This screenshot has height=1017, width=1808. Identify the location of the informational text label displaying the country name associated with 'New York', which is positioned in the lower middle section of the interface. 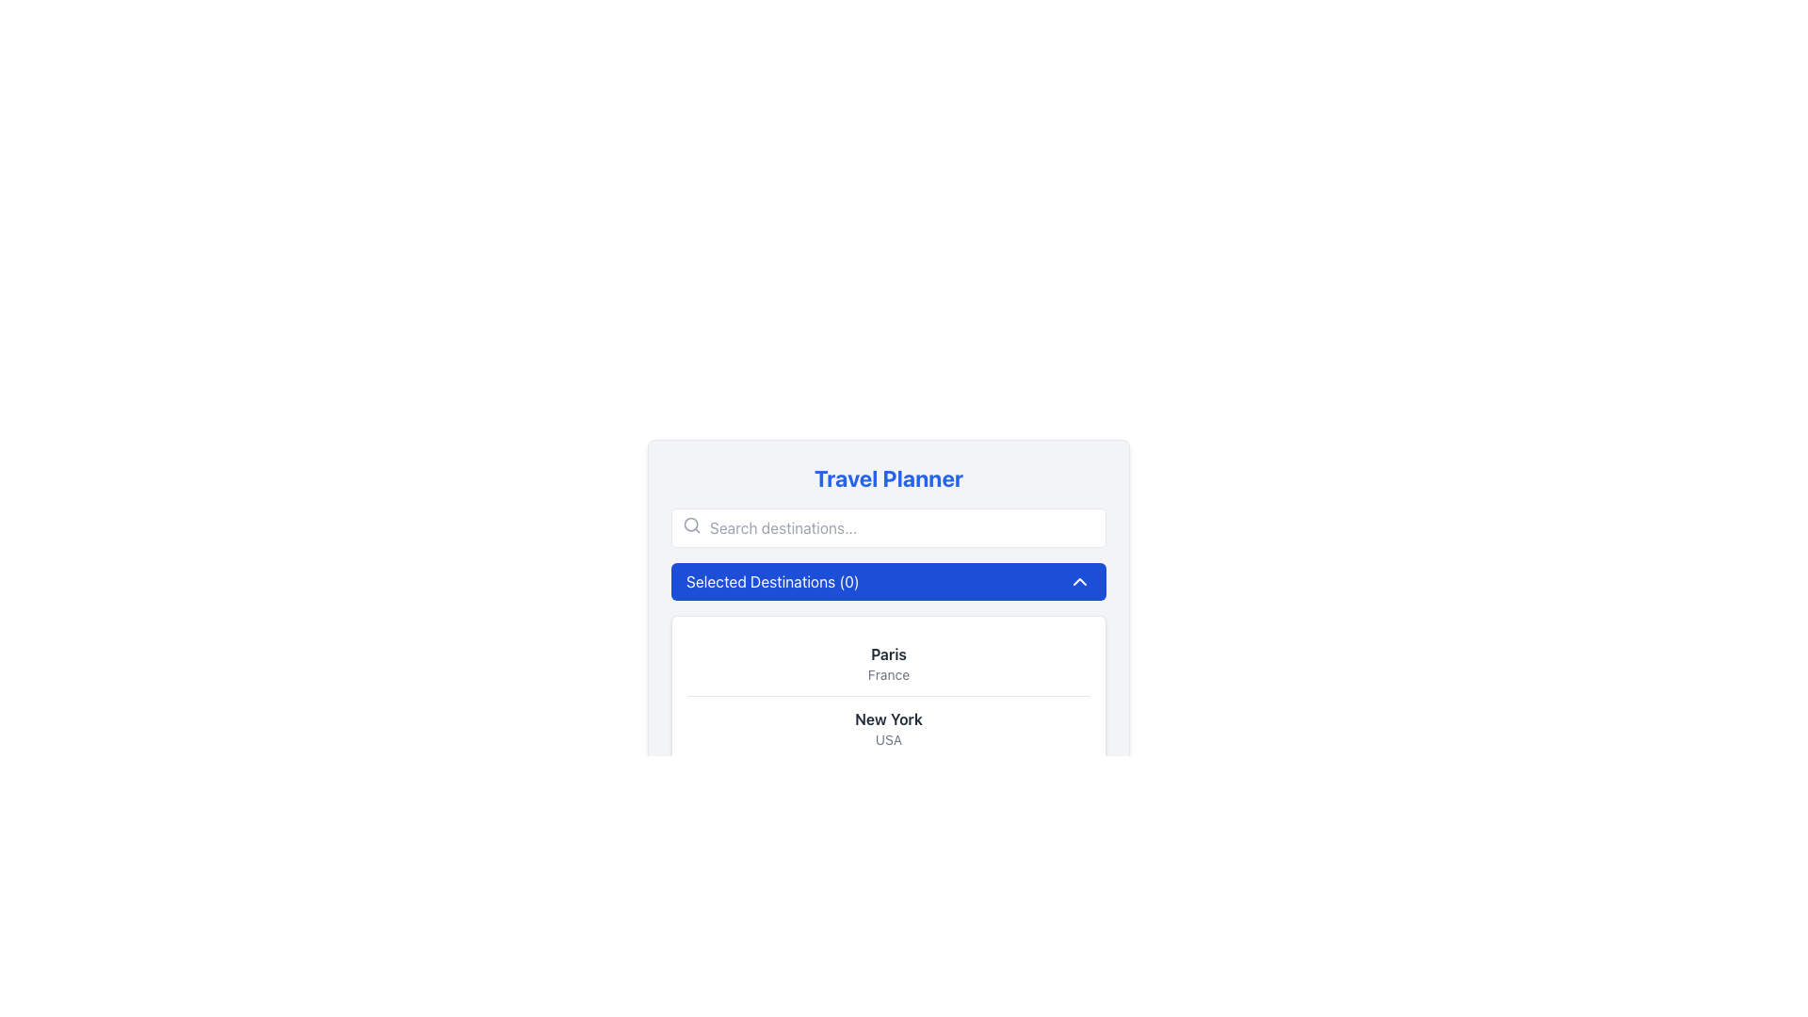
(888, 739).